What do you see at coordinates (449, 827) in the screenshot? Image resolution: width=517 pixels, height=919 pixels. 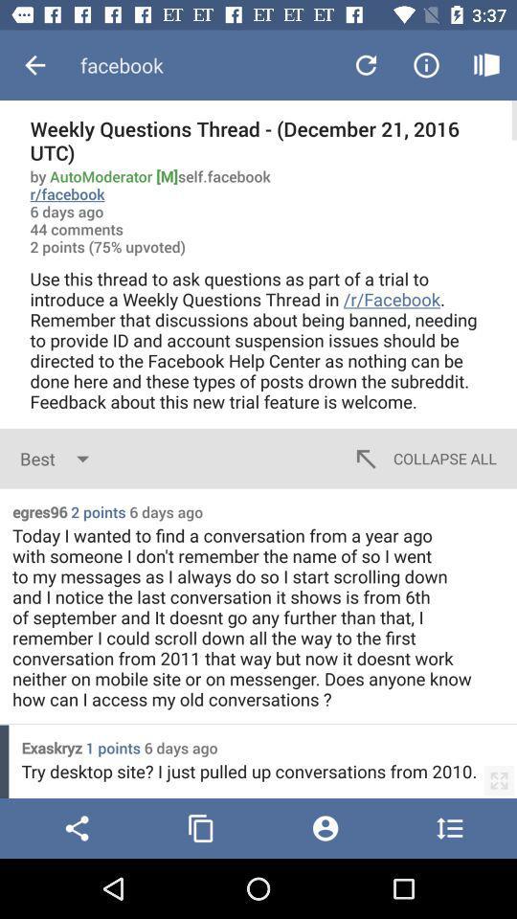 I see `the list icon` at bounding box center [449, 827].